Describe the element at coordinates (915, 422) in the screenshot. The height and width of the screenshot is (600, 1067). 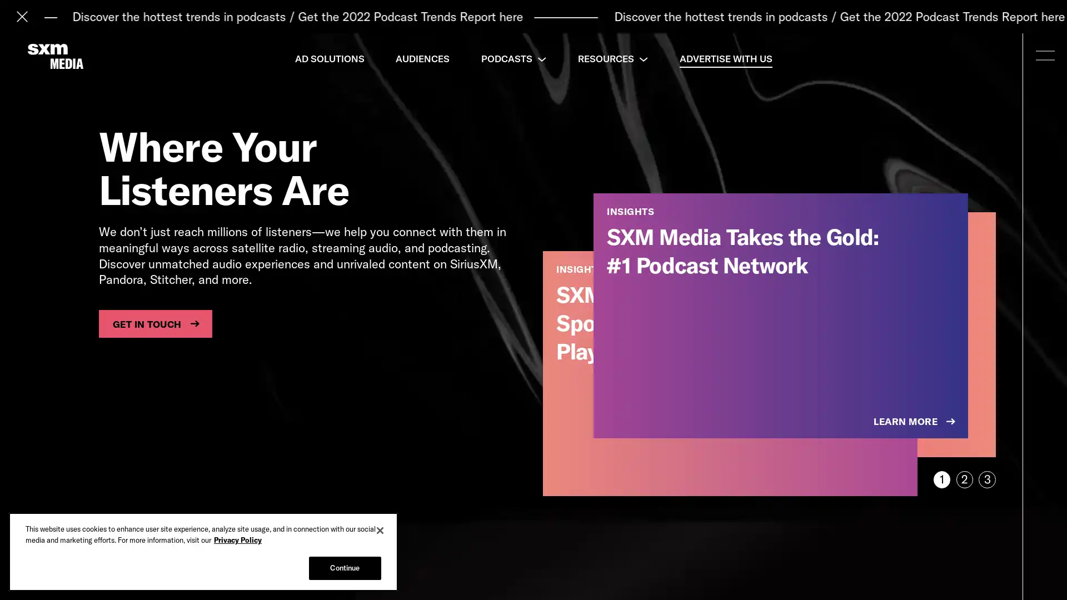
I see `LEARN MORE` at that location.